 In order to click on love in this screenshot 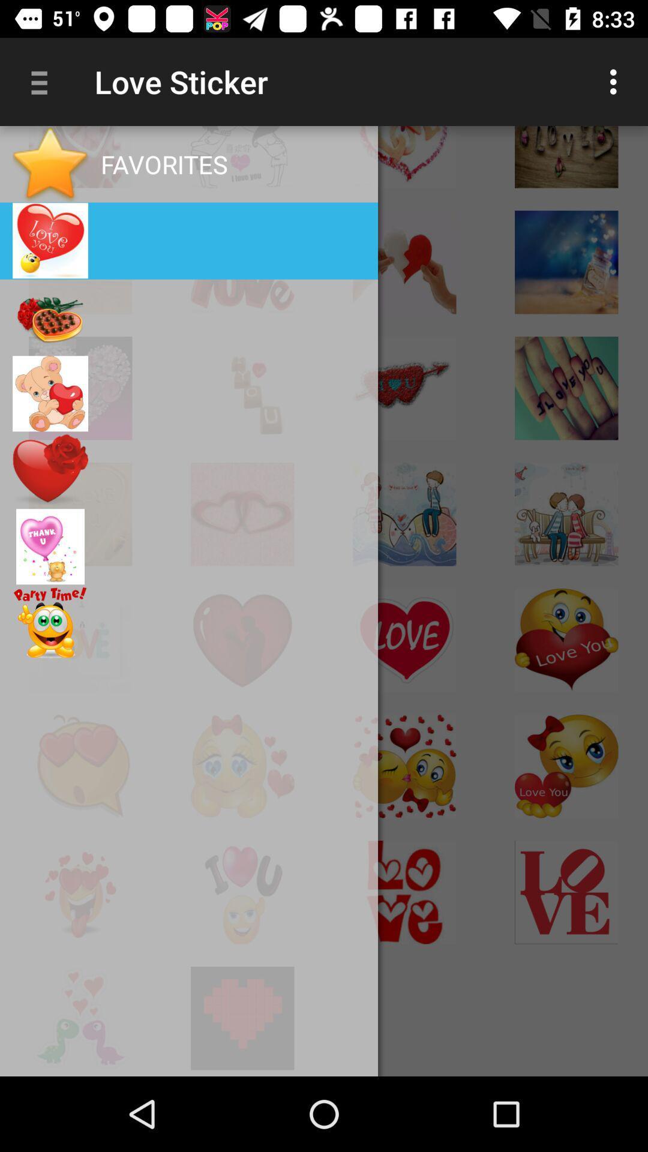, I will do `click(242, 262)`.